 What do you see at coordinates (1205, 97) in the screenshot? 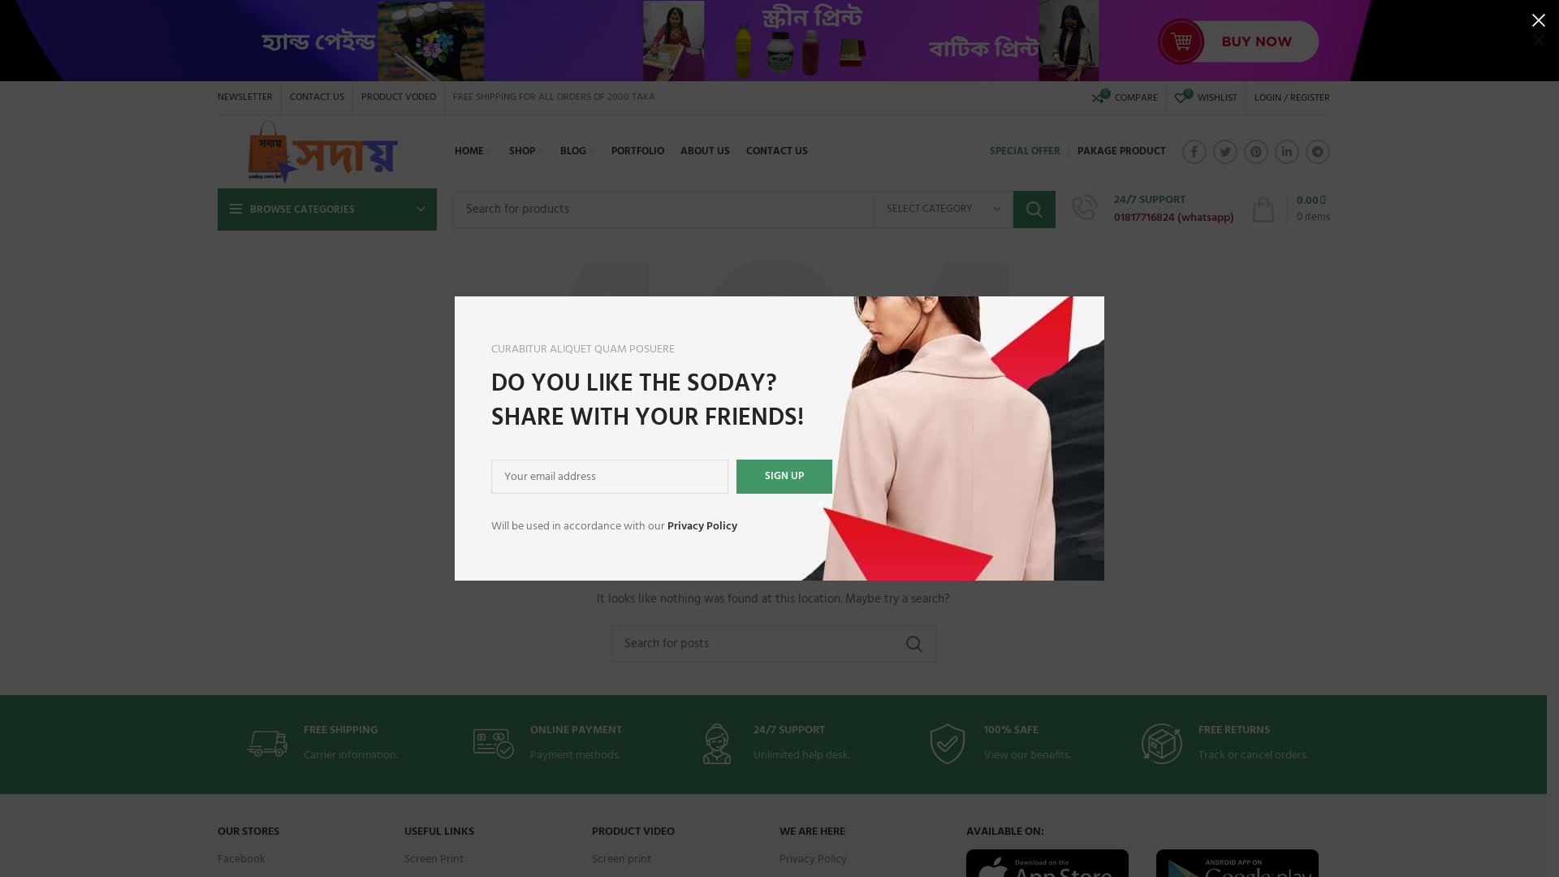
I see `'0` at bounding box center [1205, 97].